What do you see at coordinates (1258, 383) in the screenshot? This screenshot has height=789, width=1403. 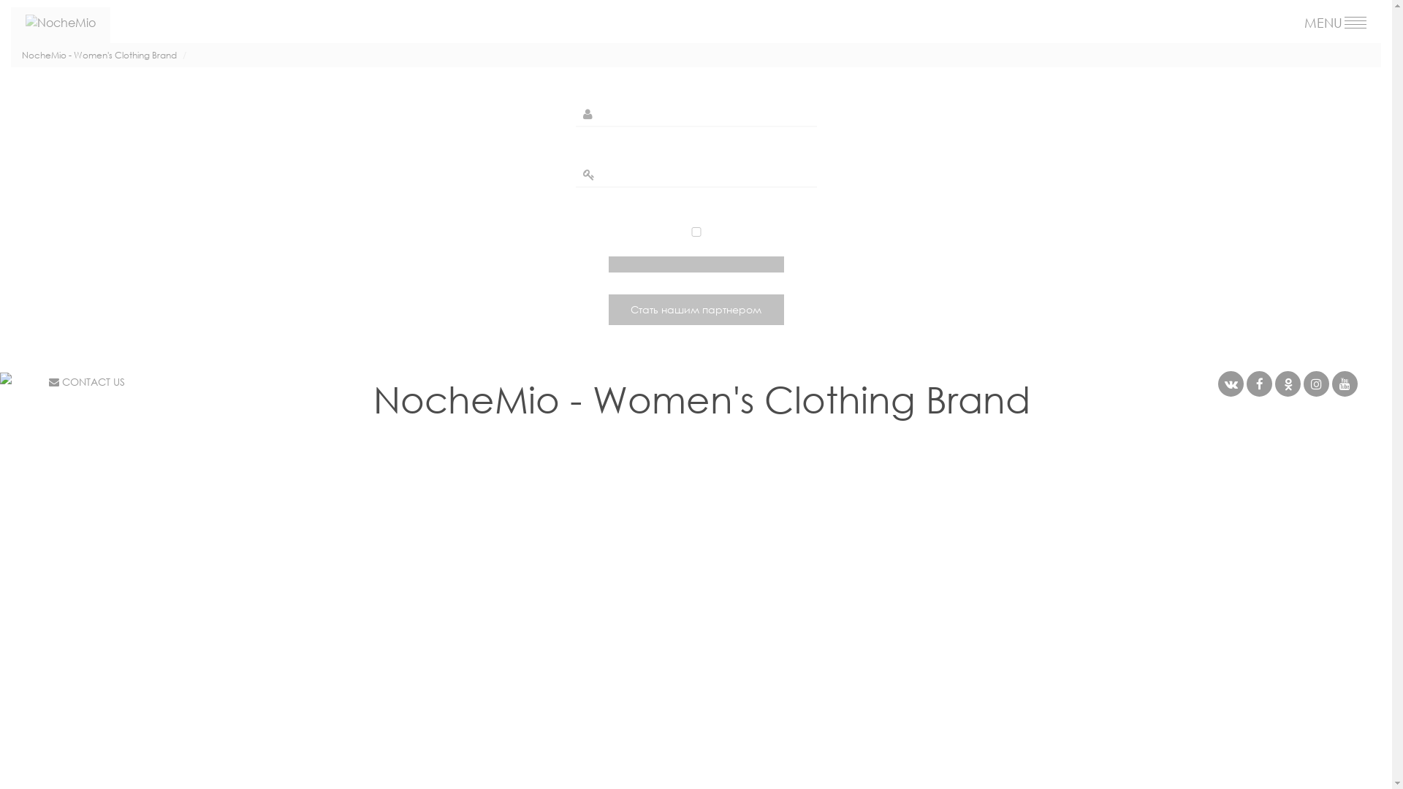 I see `'Official account NocheMio in Facebook'` at bounding box center [1258, 383].